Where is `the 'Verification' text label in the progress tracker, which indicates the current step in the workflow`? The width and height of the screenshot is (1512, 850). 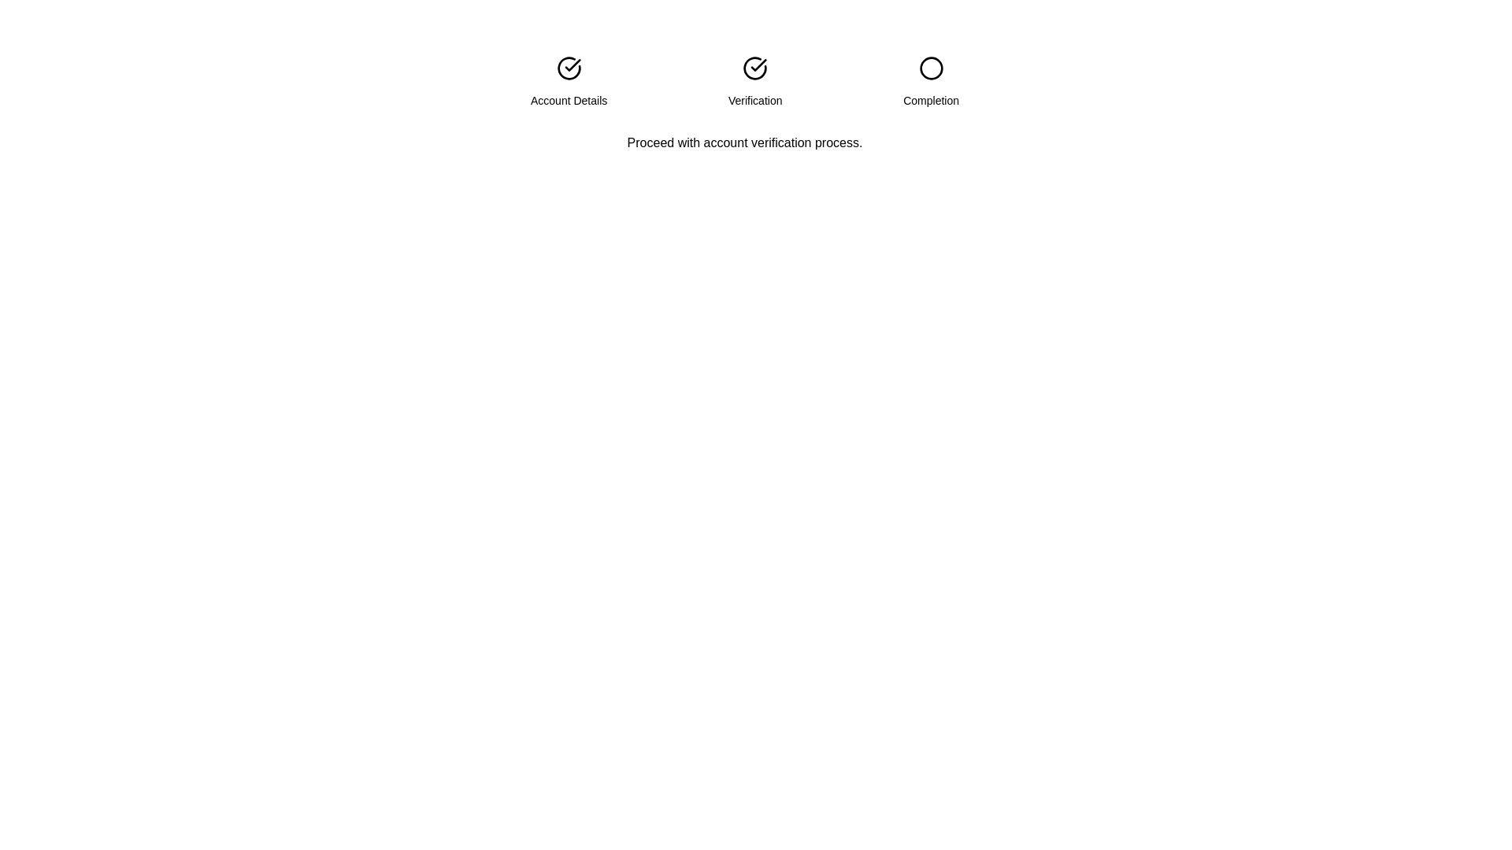
the 'Verification' text label in the progress tracker, which indicates the current step in the workflow is located at coordinates (754, 100).